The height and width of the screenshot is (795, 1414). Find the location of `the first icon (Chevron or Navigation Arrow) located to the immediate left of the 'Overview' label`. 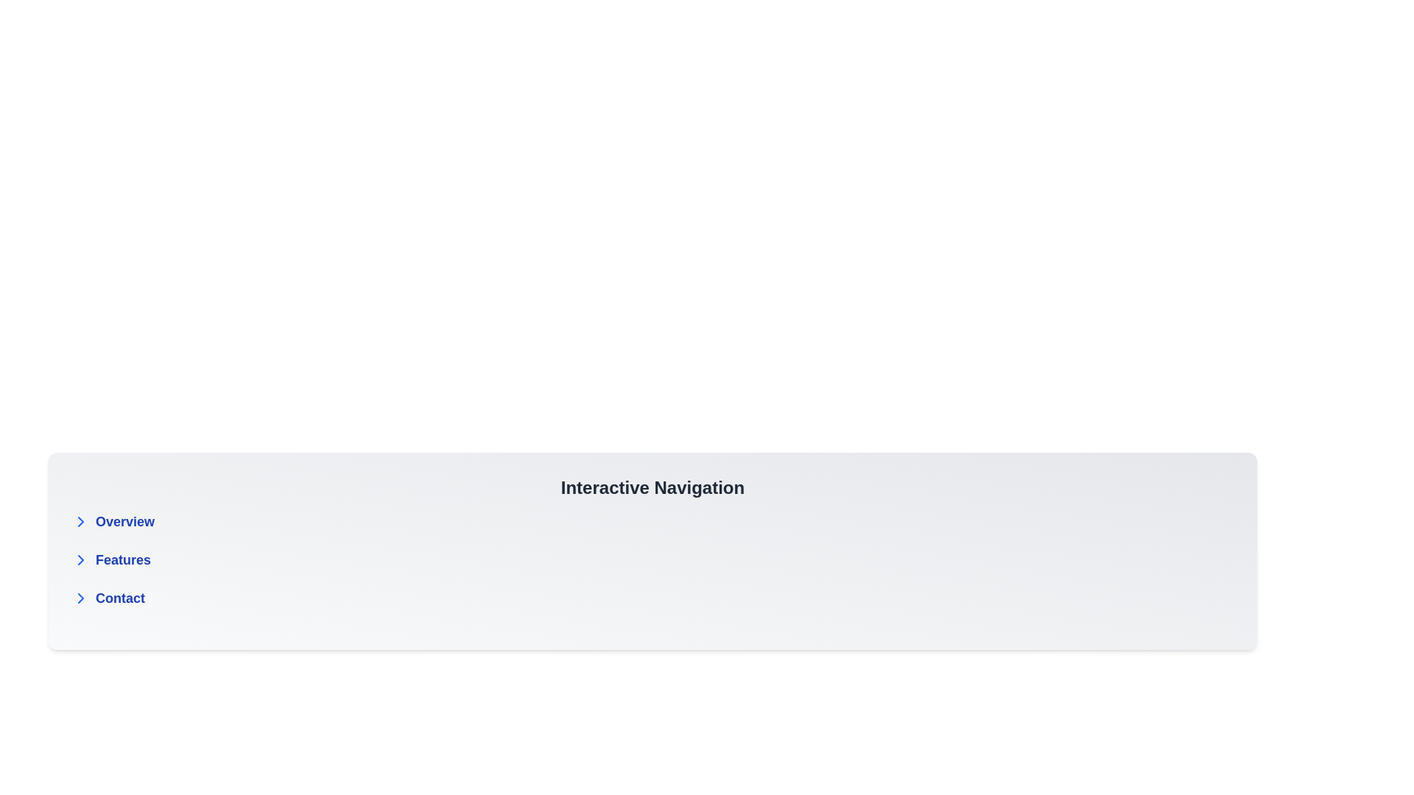

the first icon (Chevron or Navigation Arrow) located to the immediate left of the 'Overview' label is located at coordinates (80, 521).